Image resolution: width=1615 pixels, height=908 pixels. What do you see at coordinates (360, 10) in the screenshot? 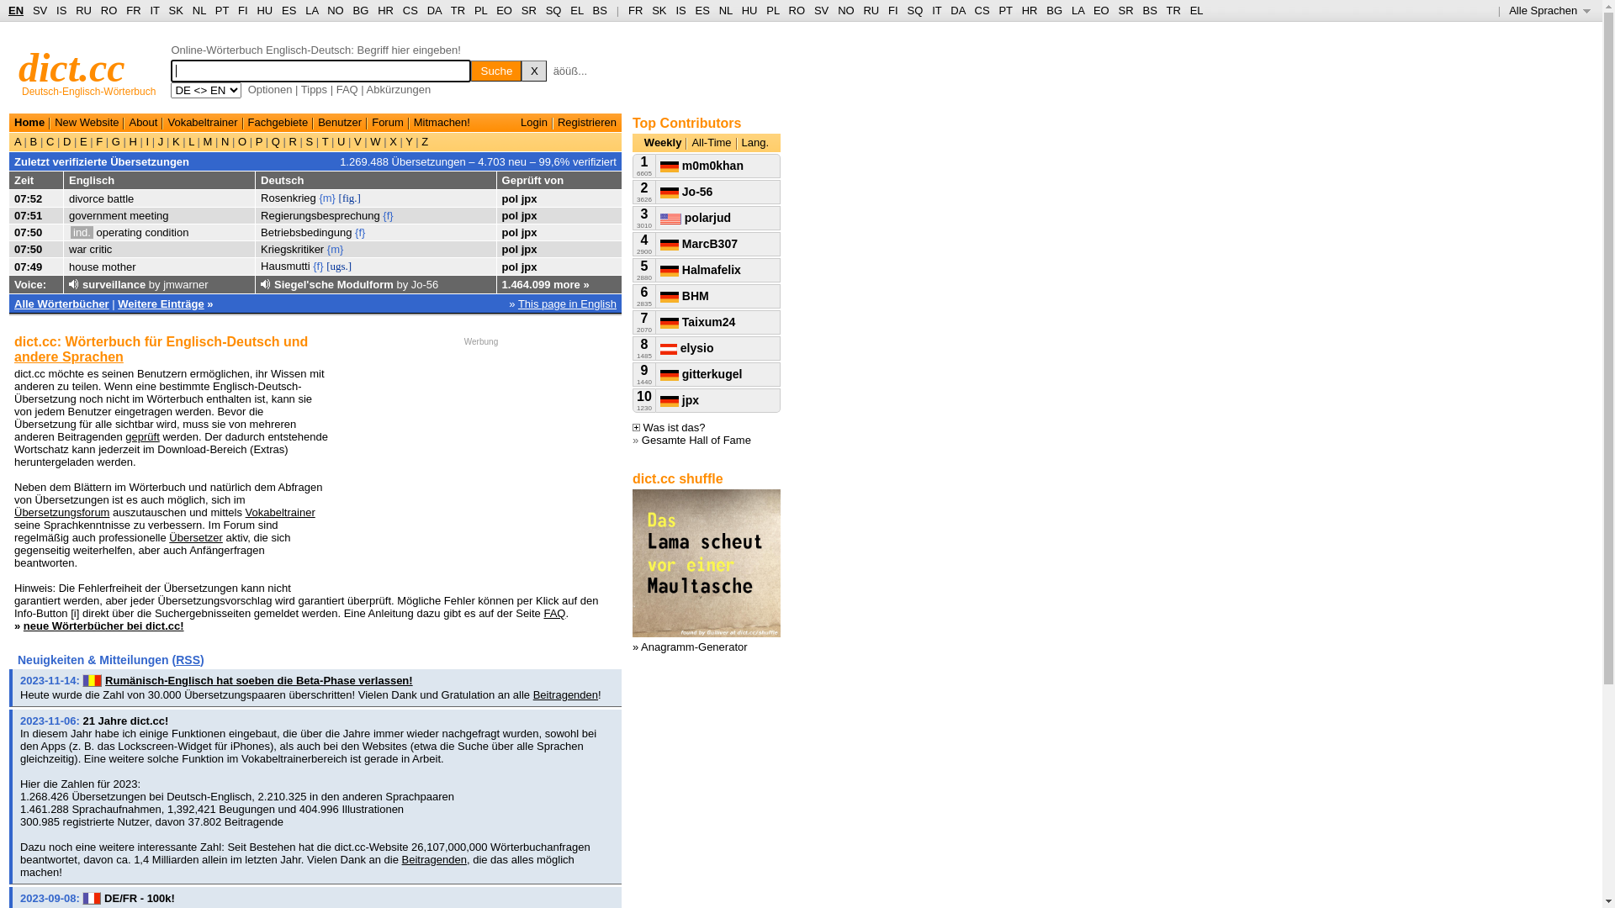
I see `'BG'` at bounding box center [360, 10].